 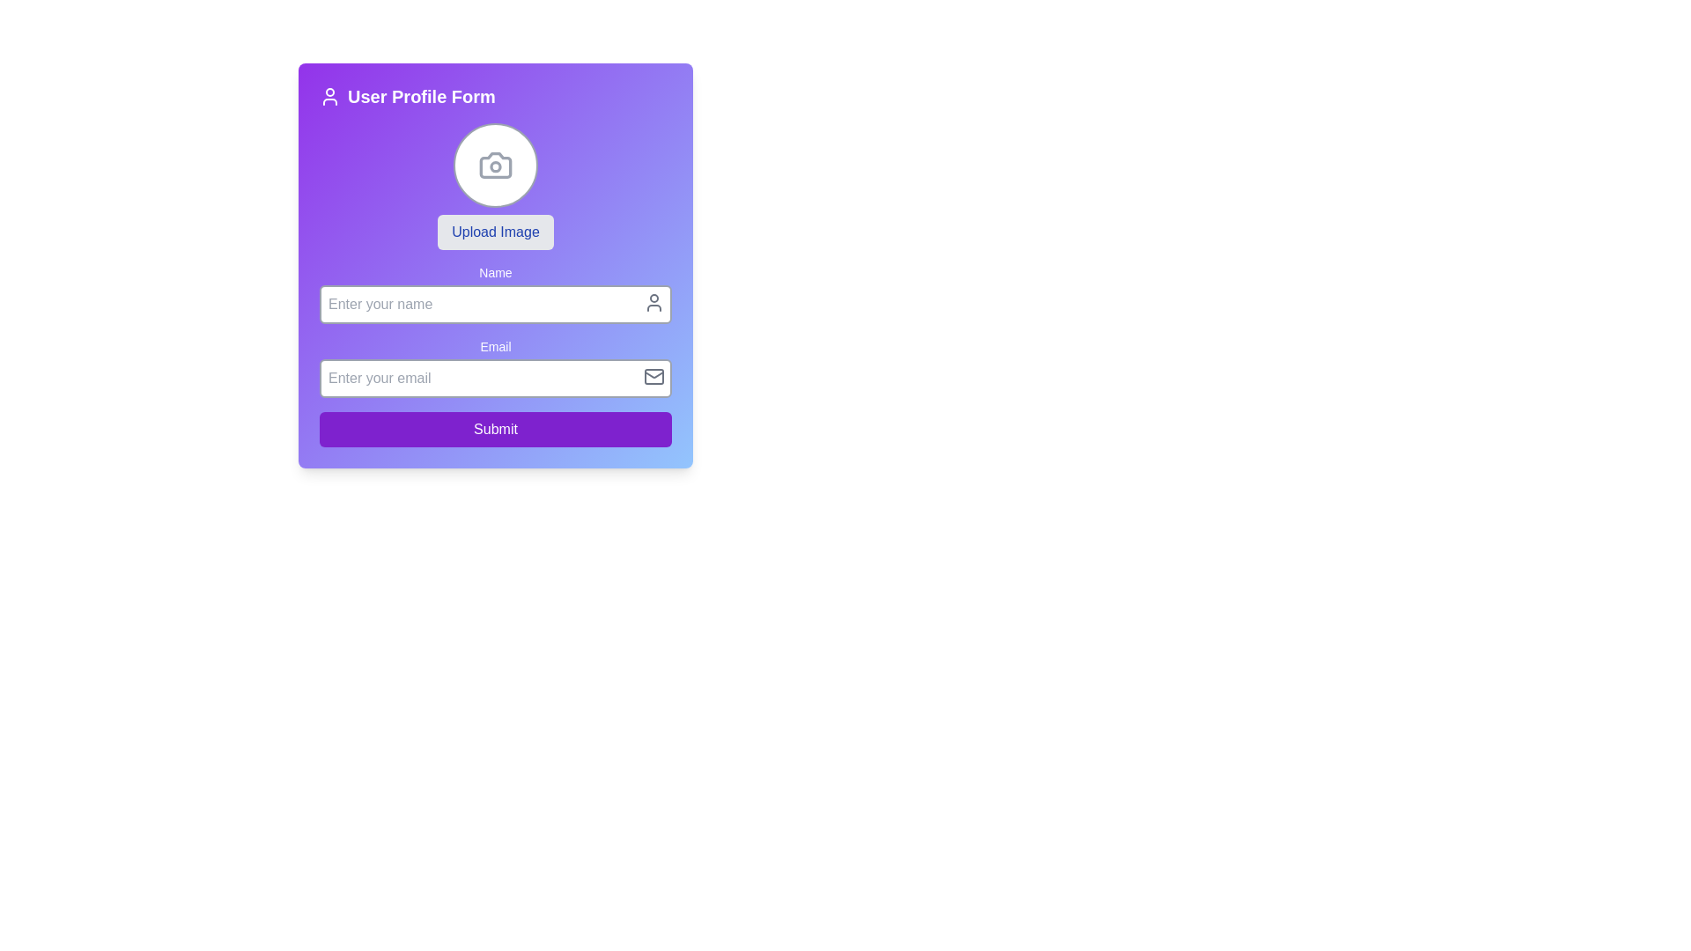 I want to click on the icon that visually indicates the 'Enter your name' text input field, which is positioned towards the top-right inside the input box, so click(x=654, y=301).